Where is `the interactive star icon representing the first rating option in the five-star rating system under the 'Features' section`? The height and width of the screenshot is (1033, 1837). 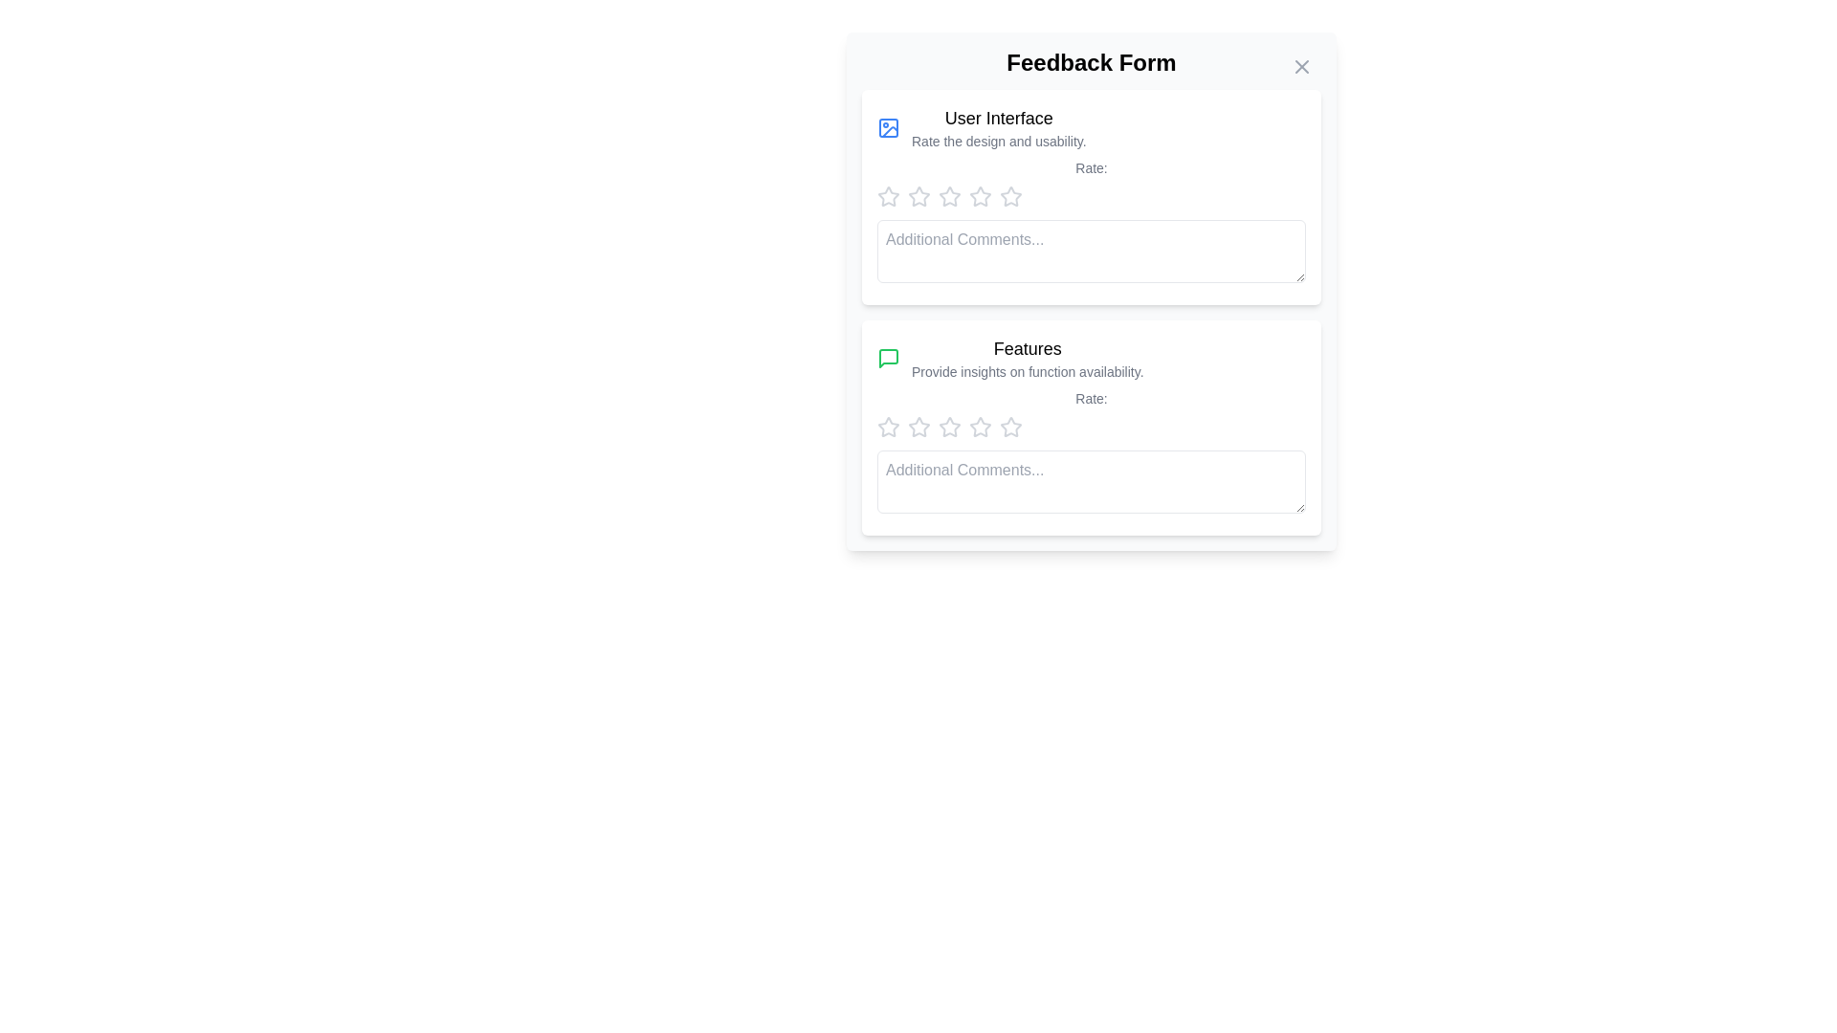 the interactive star icon representing the first rating option in the five-star rating system under the 'Features' section is located at coordinates (888, 427).